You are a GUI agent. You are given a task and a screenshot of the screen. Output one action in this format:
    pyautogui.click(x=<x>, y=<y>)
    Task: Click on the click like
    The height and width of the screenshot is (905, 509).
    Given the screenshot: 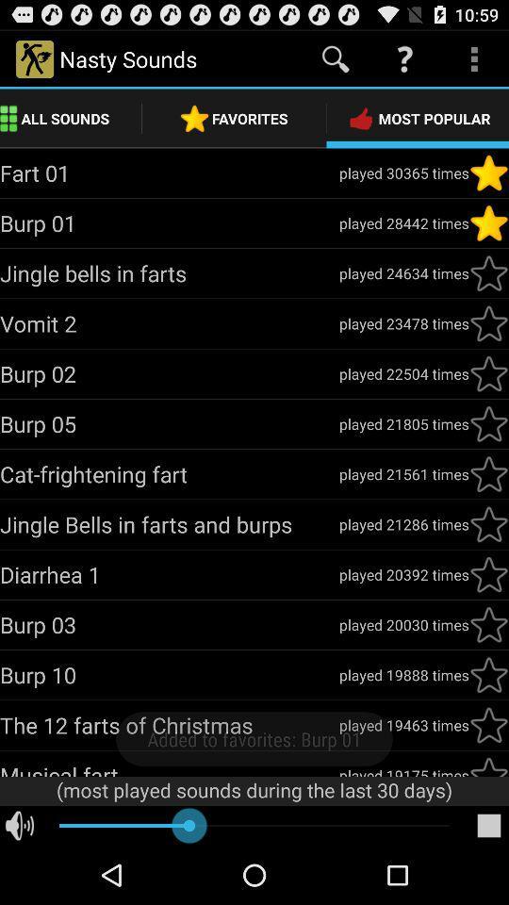 What is the action you would take?
    pyautogui.click(x=488, y=173)
    